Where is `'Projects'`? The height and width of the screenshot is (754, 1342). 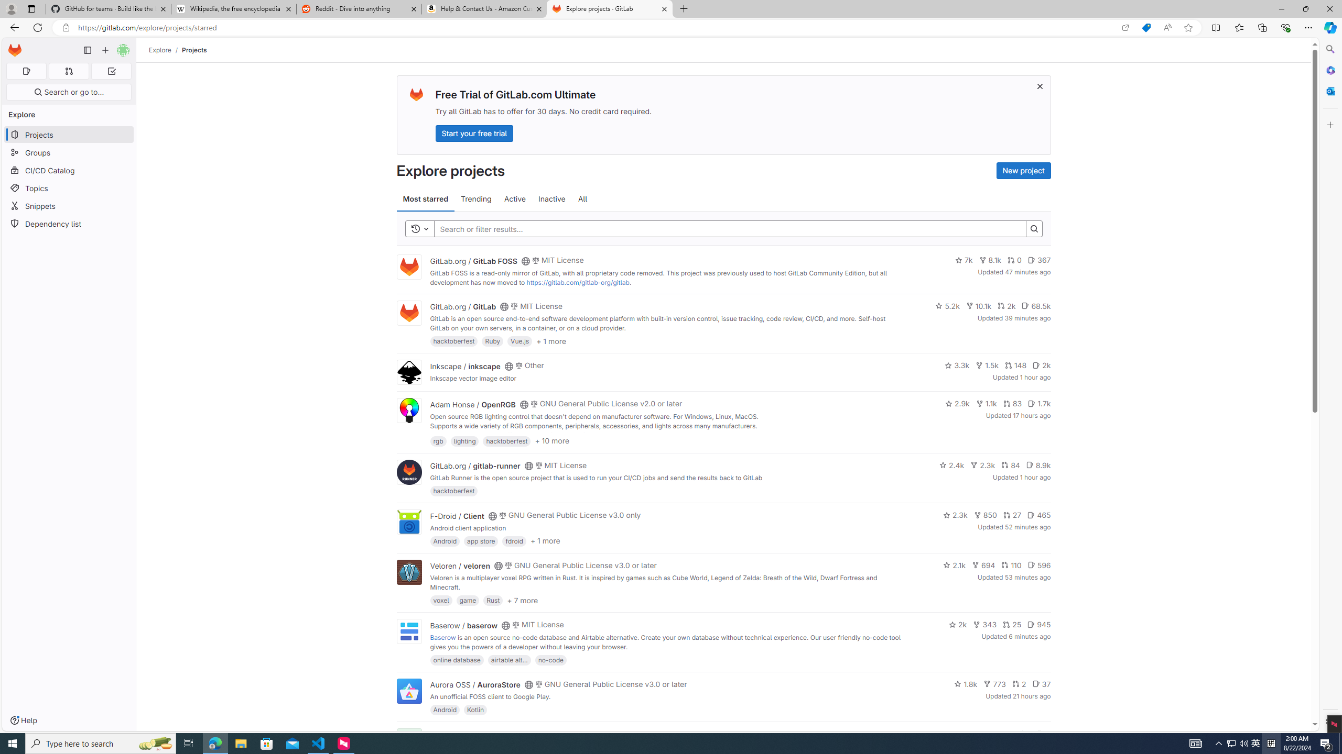 'Projects' is located at coordinates (194, 50).